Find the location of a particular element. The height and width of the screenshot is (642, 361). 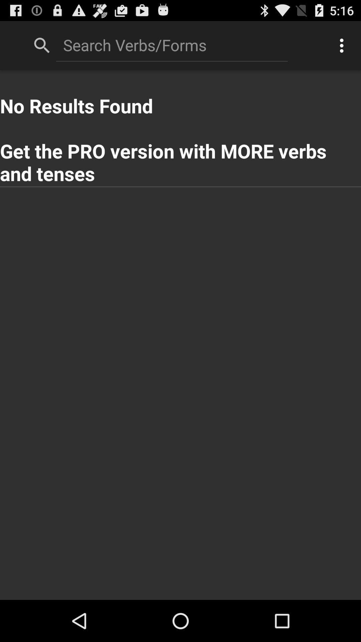

no results found item is located at coordinates (180, 128).